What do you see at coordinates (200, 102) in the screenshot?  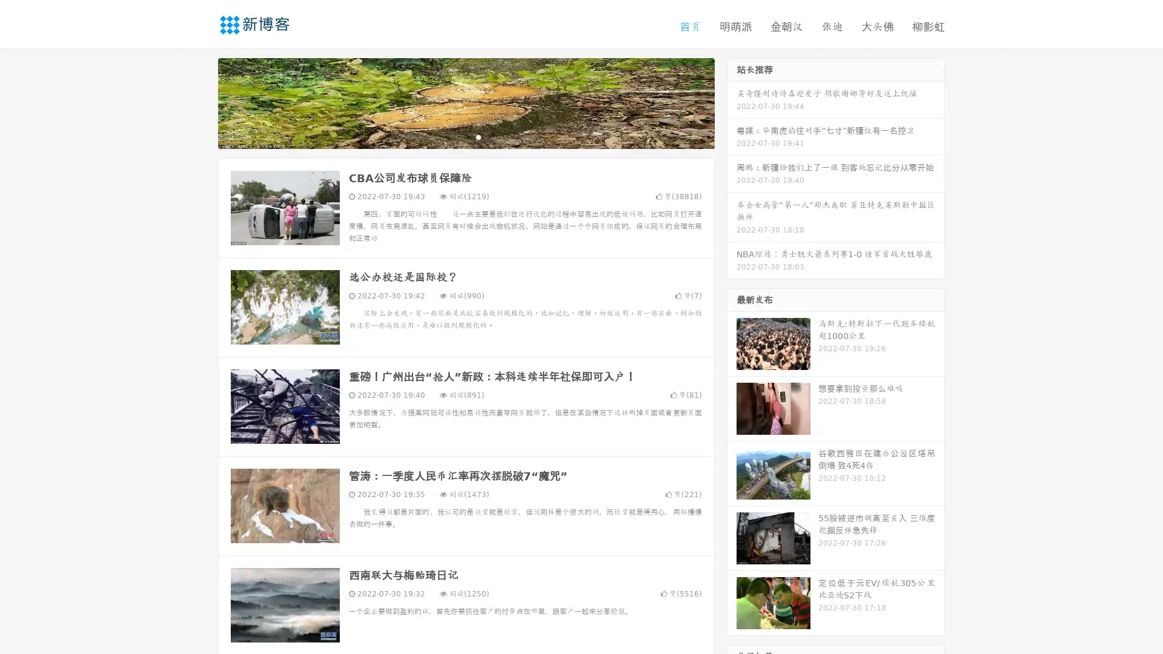 I see `Previous slide` at bounding box center [200, 102].